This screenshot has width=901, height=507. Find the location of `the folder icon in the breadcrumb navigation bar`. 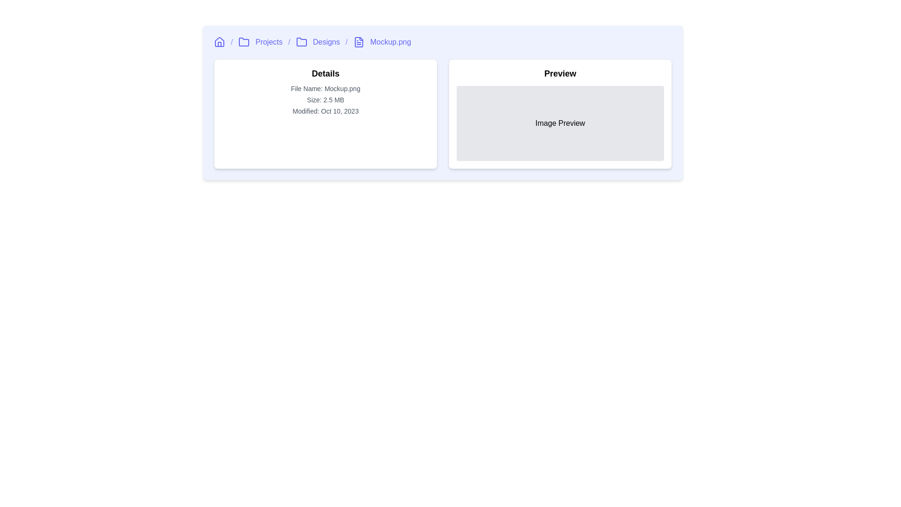

the folder icon in the breadcrumb navigation bar is located at coordinates (301, 41).